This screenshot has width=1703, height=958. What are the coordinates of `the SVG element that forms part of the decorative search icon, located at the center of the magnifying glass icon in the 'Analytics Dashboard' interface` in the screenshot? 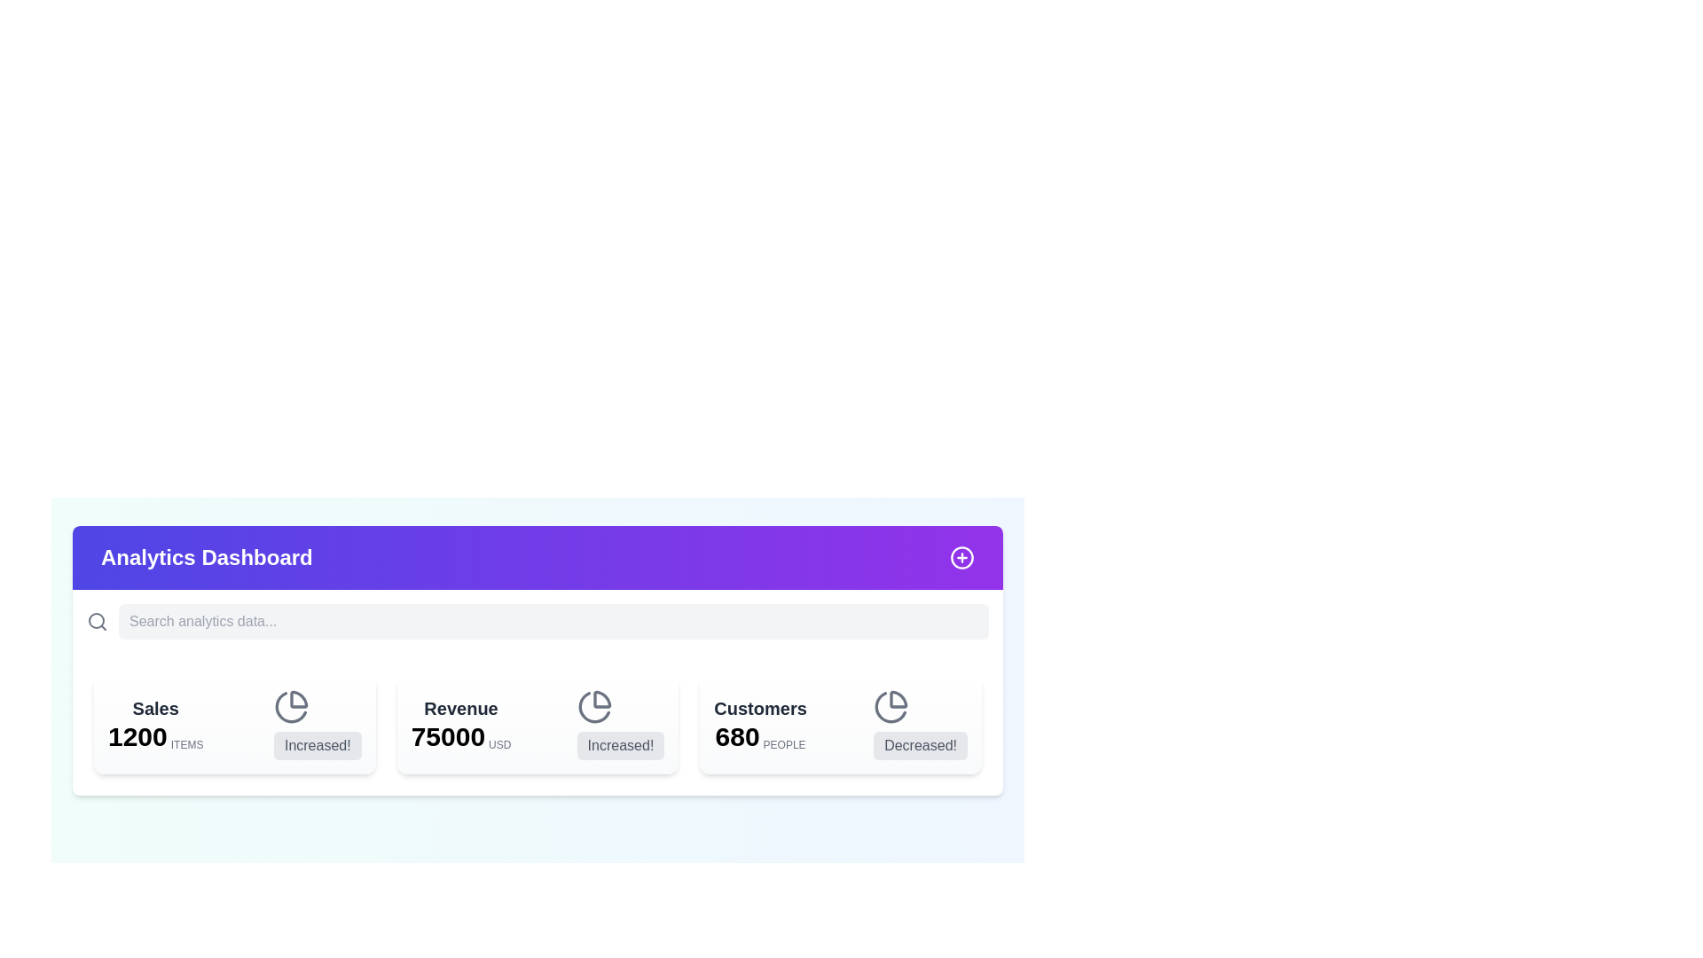 It's located at (96, 619).